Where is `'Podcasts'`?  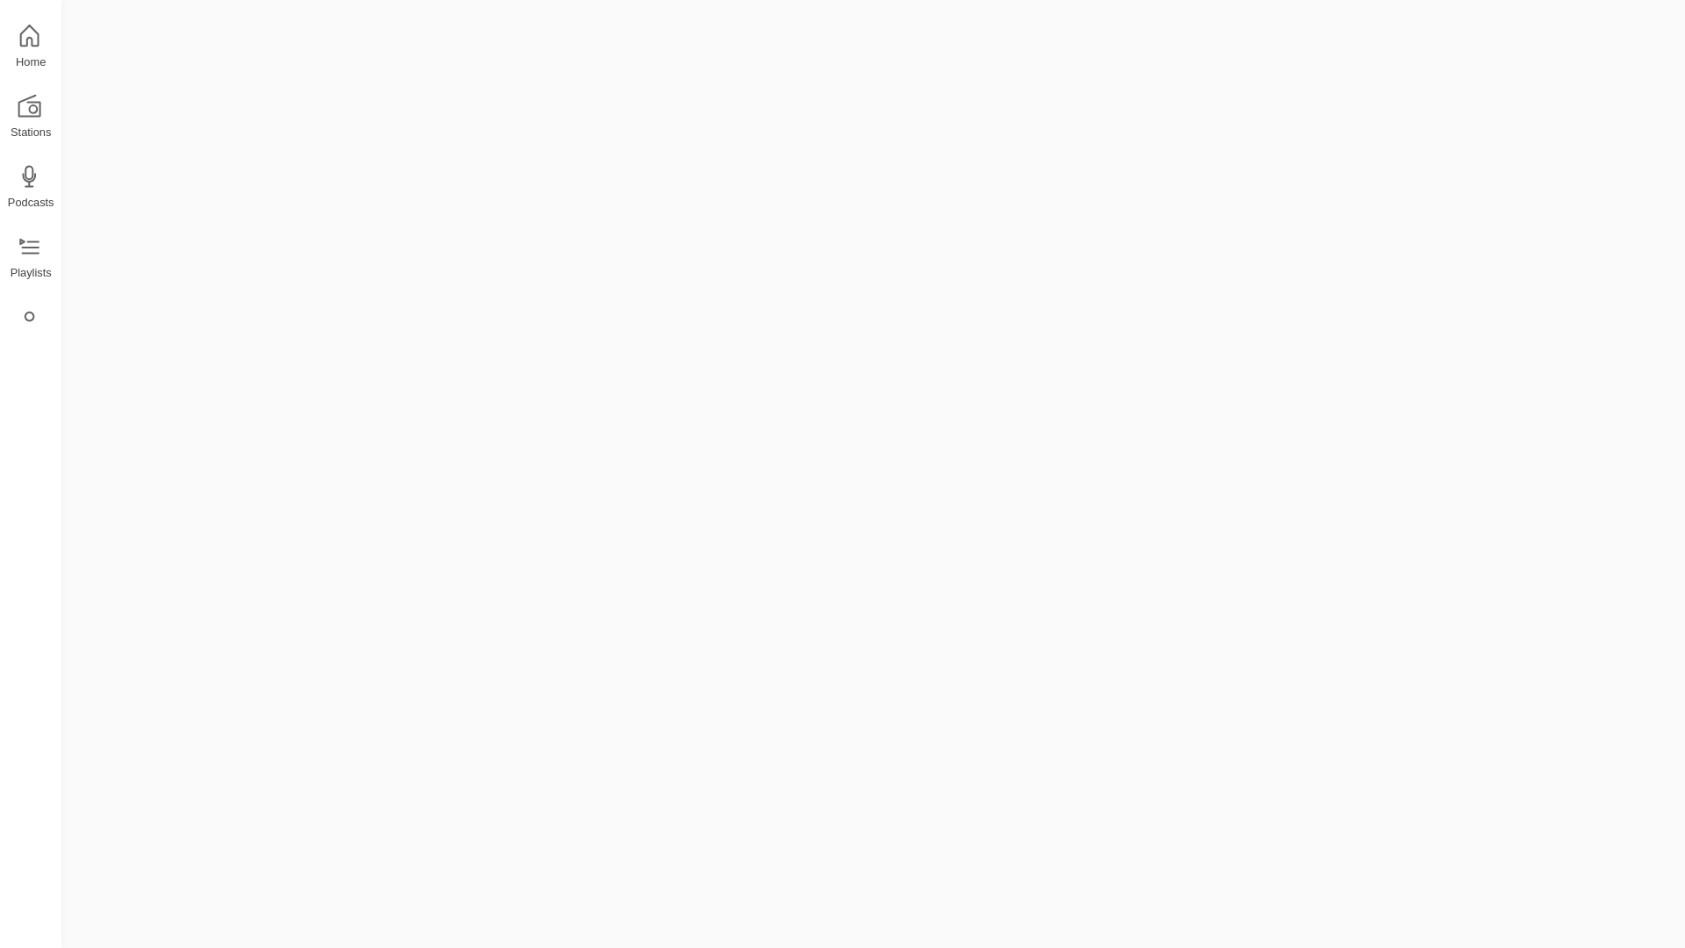
'Podcasts' is located at coordinates (28, 187).